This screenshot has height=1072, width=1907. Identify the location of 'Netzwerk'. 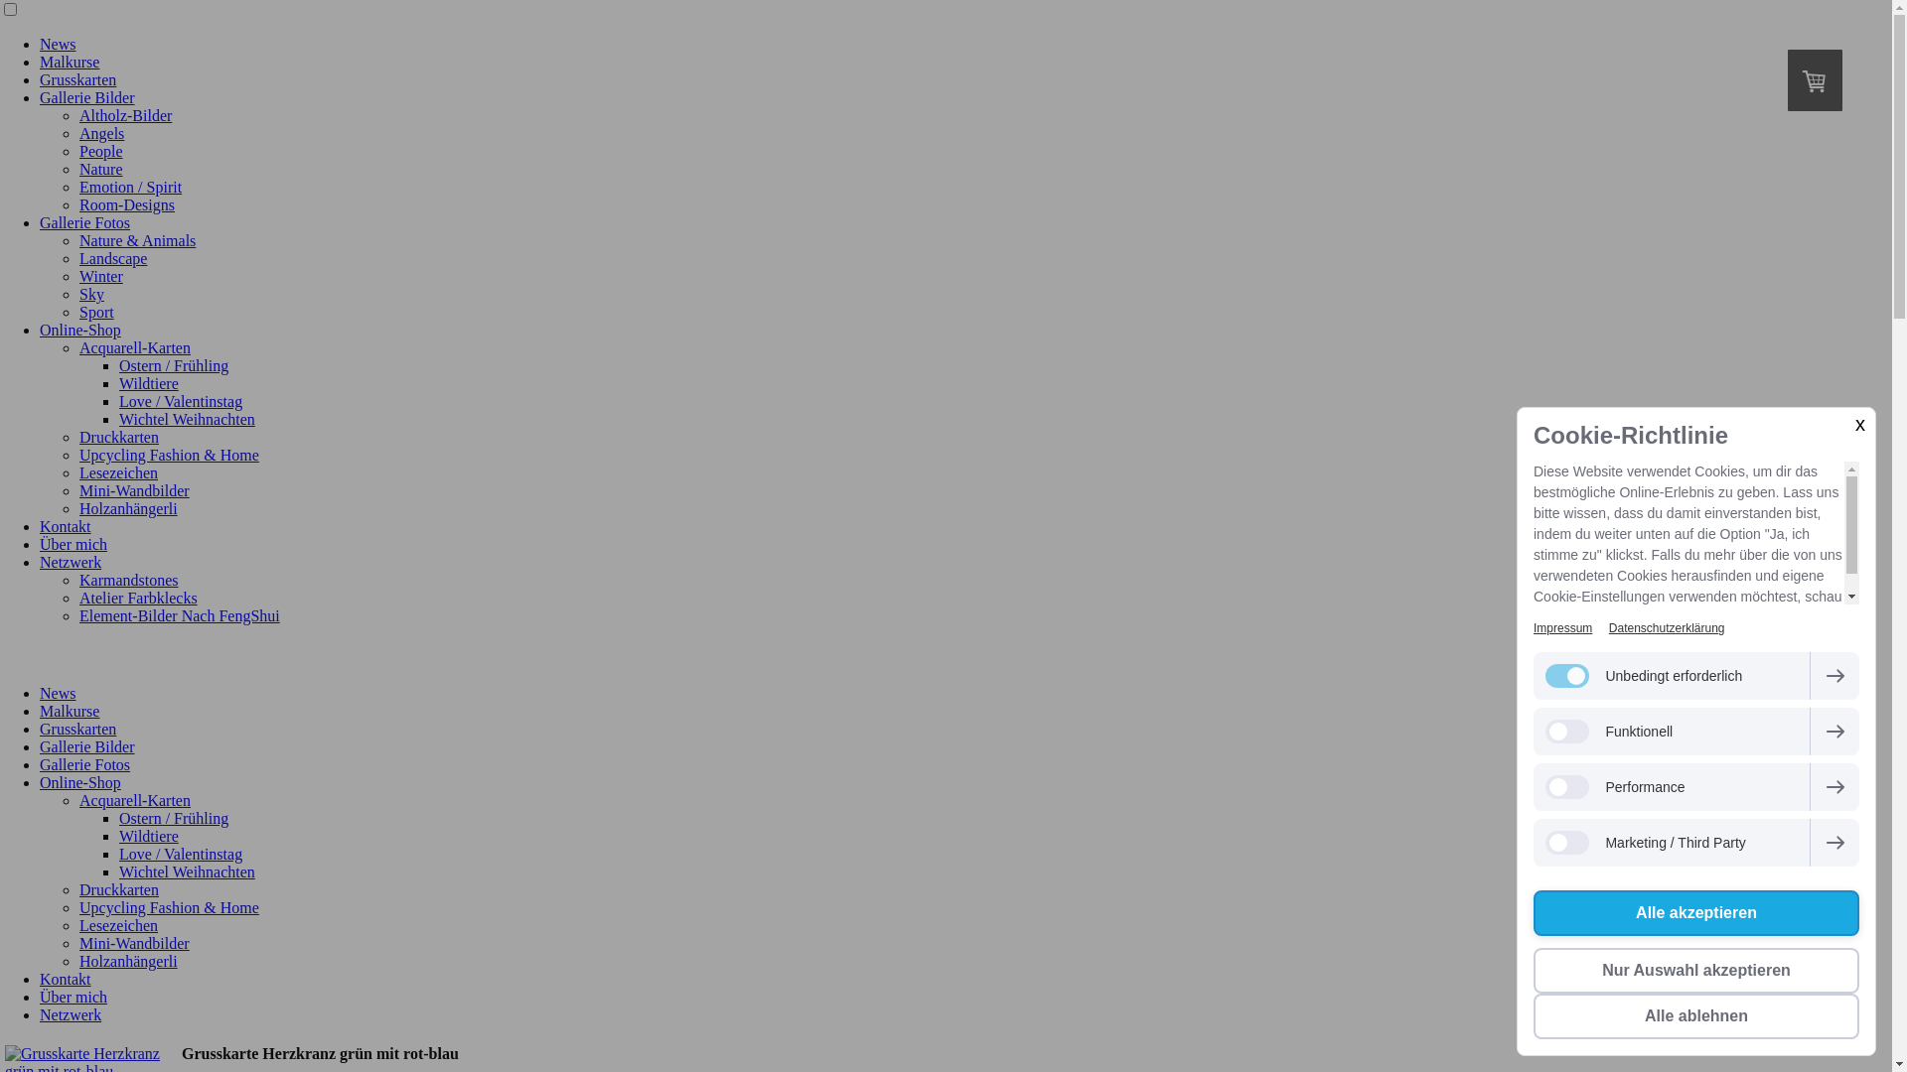
(71, 562).